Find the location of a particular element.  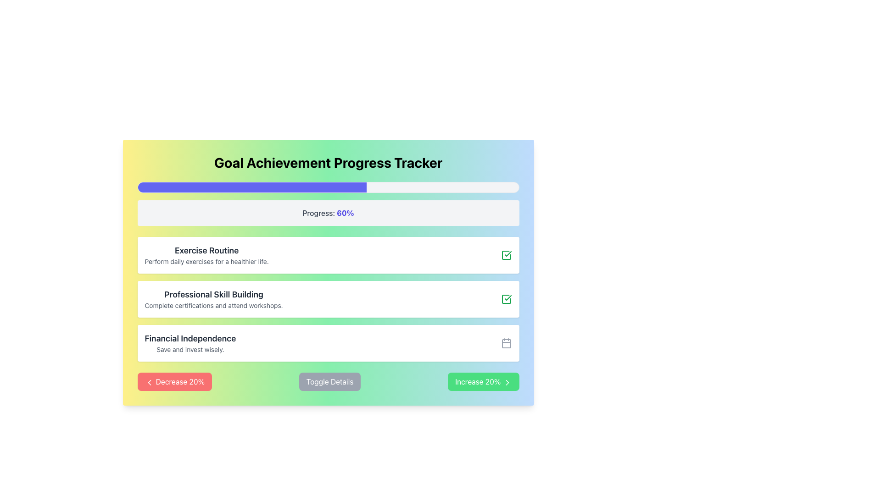

the 'Increase 20%' button, which is a green rectangular button with rounded corners, located in the bottom-right corner of the interface is located at coordinates (483, 382).